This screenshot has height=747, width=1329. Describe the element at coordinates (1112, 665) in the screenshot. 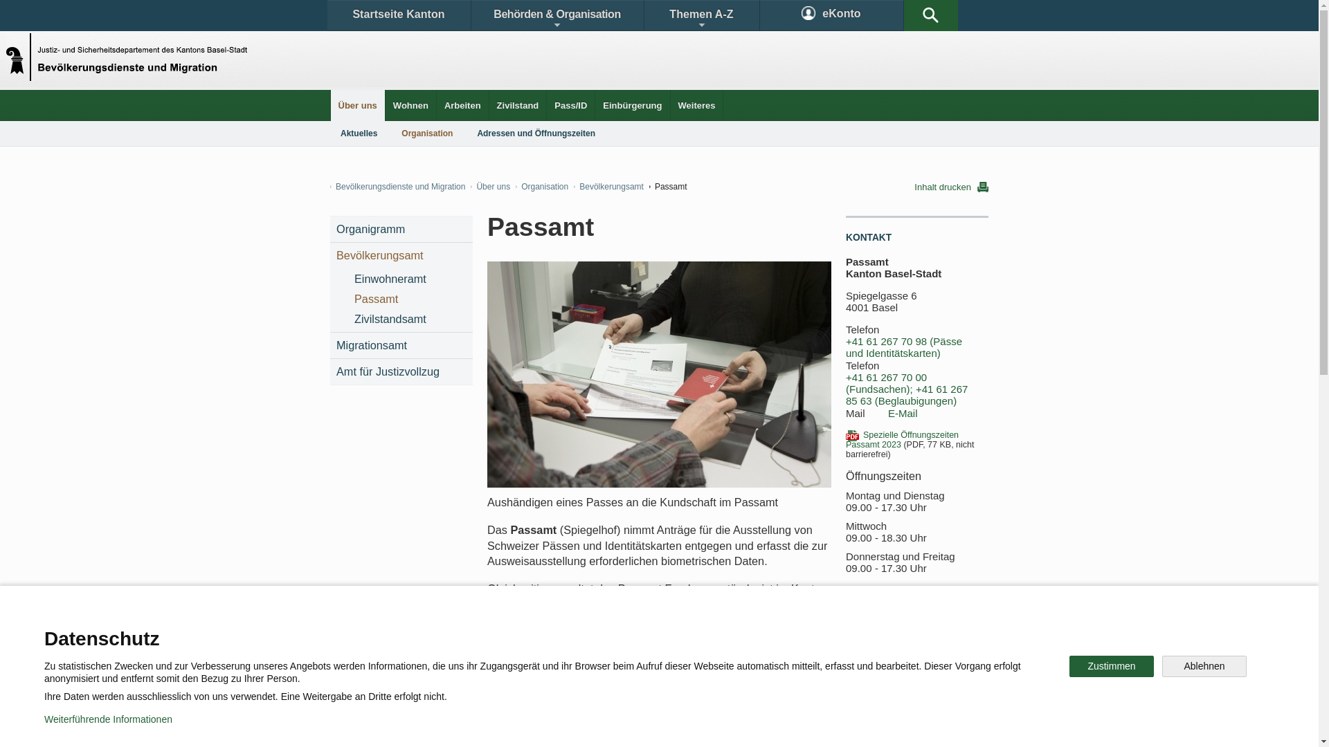

I see `'Zustimmen'` at that location.